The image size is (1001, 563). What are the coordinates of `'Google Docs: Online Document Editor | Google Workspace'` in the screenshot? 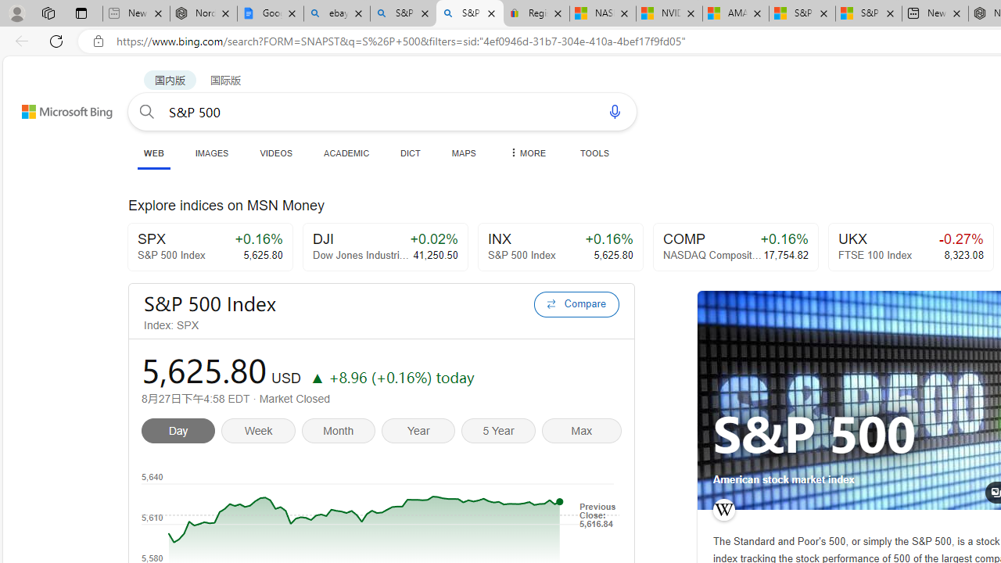 It's located at (270, 13).